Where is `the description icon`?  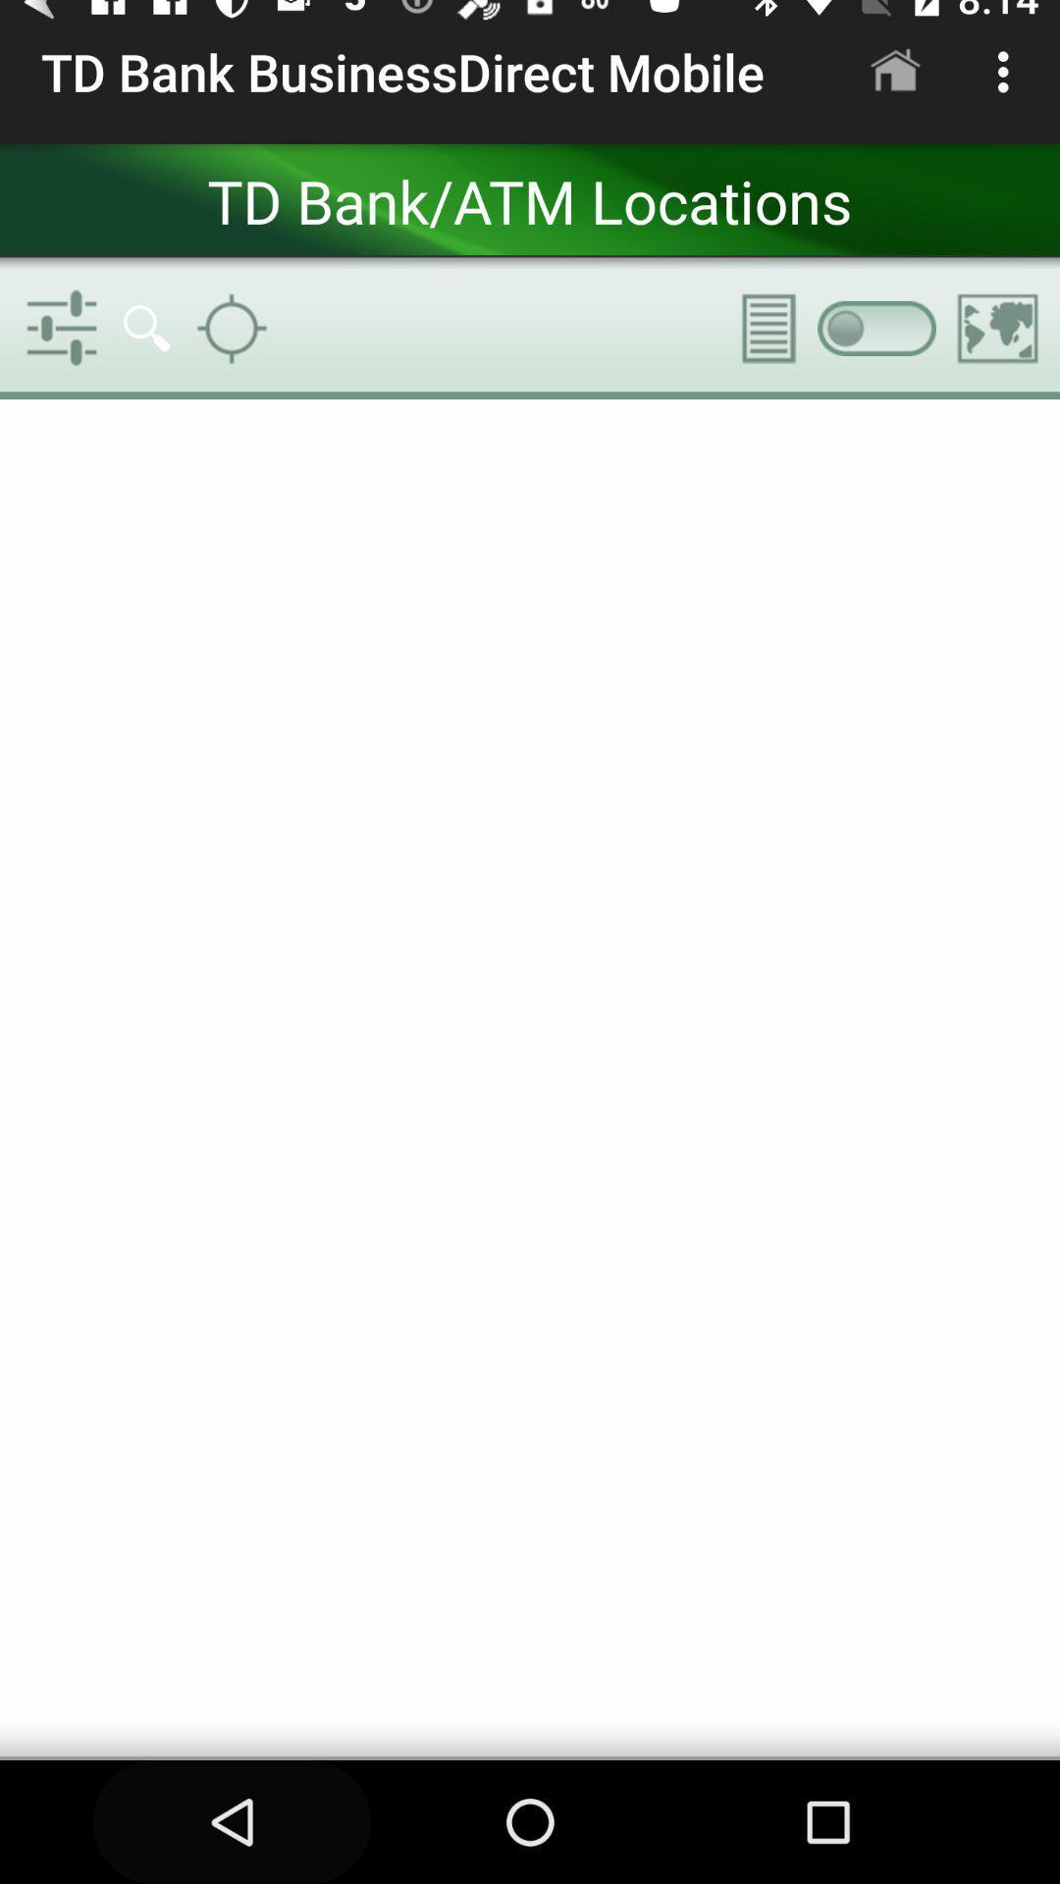
the description icon is located at coordinates (755, 328).